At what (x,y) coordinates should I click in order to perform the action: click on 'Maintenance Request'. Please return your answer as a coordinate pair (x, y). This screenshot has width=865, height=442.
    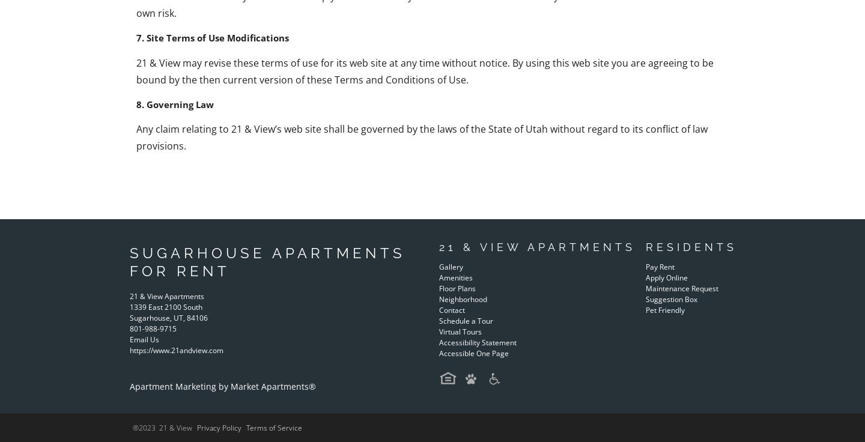
    Looking at the image, I should click on (681, 287).